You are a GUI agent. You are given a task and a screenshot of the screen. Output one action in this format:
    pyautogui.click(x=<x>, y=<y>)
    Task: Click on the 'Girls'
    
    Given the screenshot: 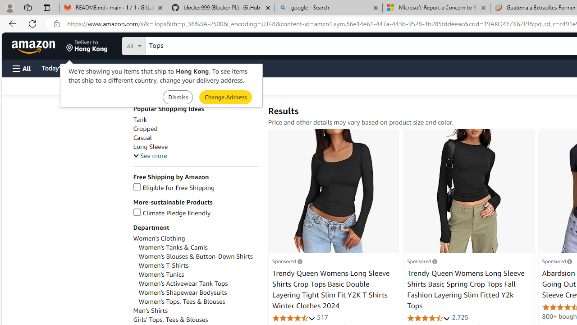 What is the action you would take?
    pyautogui.click(x=170, y=319)
    